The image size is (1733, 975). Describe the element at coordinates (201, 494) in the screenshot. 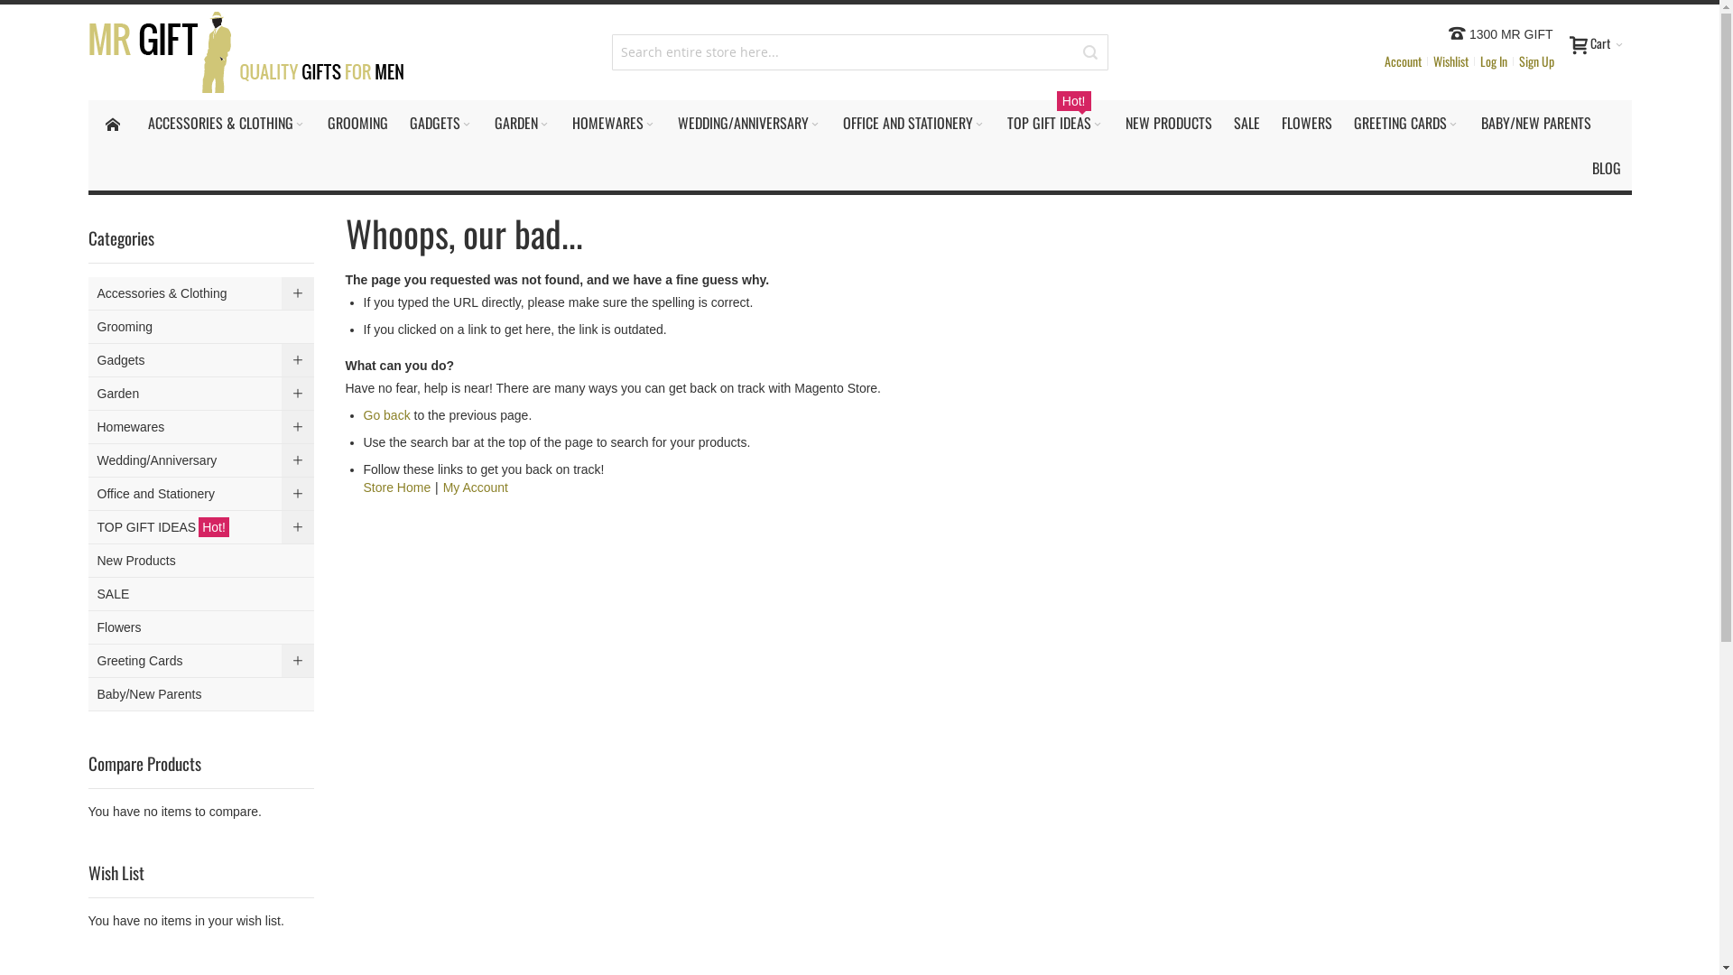

I see `'Office and Stationery'` at that location.